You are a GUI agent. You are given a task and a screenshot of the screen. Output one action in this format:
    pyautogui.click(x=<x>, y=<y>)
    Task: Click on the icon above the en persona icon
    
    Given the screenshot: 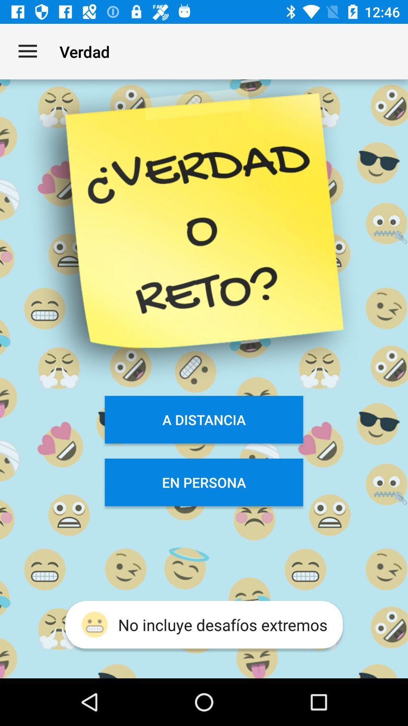 What is the action you would take?
    pyautogui.click(x=204, y=419)
    